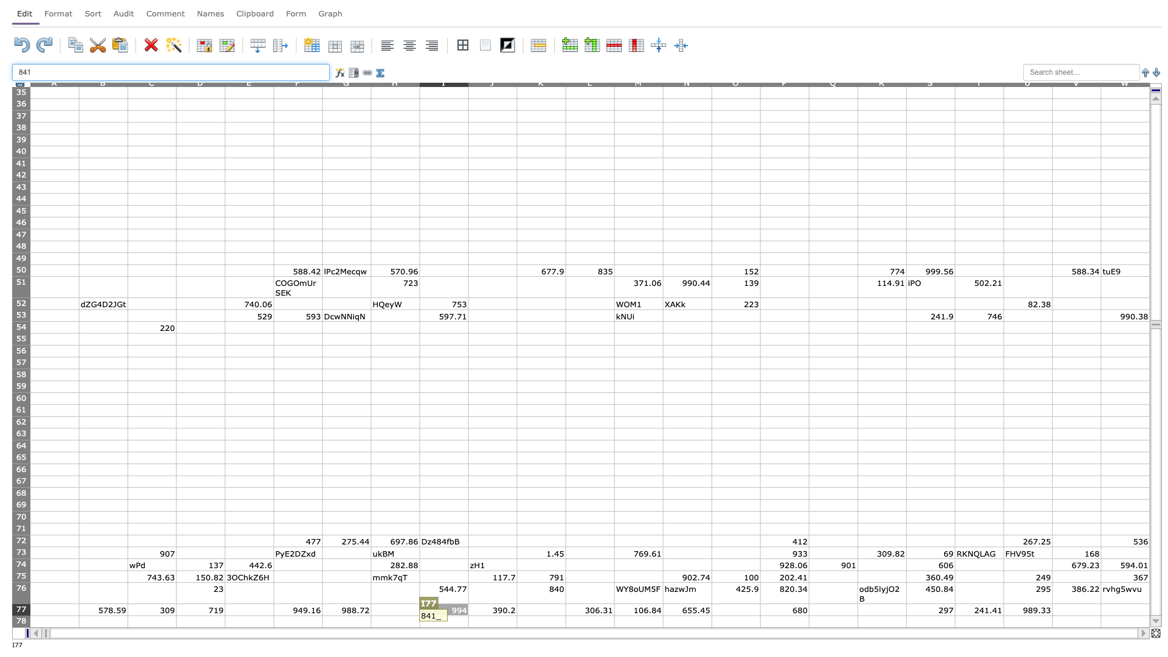 This screenshot has height=657, width=1168. I want to click on top left corner of cell N78, so click(662, 615).